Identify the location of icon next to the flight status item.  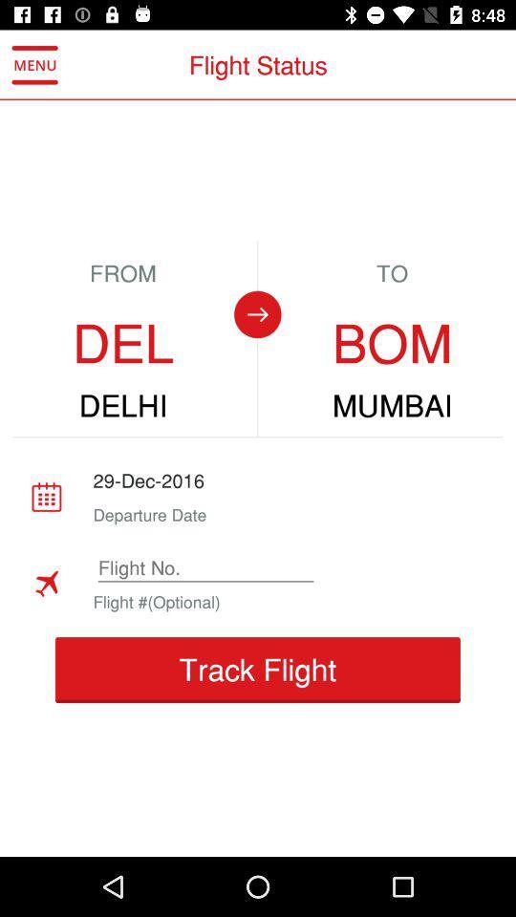
(34, 65).